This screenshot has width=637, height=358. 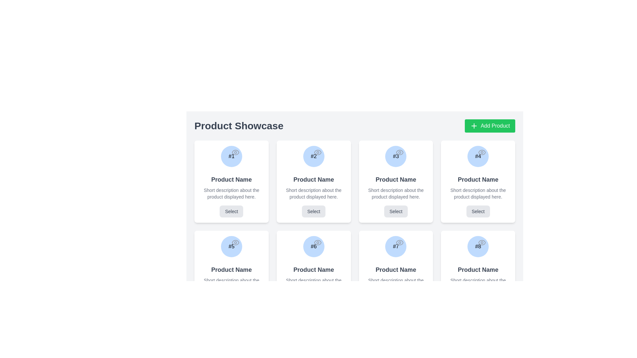 What do you see at coordinates (231, 302) in the screenshot?
I see `the button located at the bottom-center of the fifth product card` at bounding box center [231, 302].